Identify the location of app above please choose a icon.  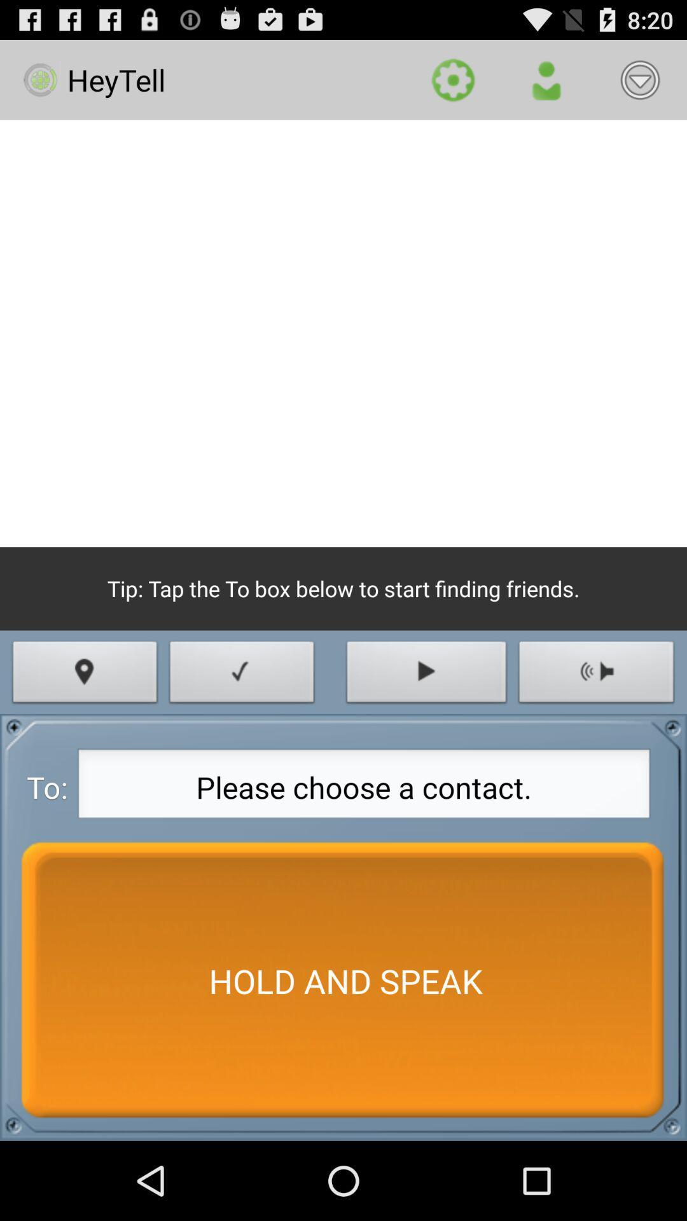
(242, 675).